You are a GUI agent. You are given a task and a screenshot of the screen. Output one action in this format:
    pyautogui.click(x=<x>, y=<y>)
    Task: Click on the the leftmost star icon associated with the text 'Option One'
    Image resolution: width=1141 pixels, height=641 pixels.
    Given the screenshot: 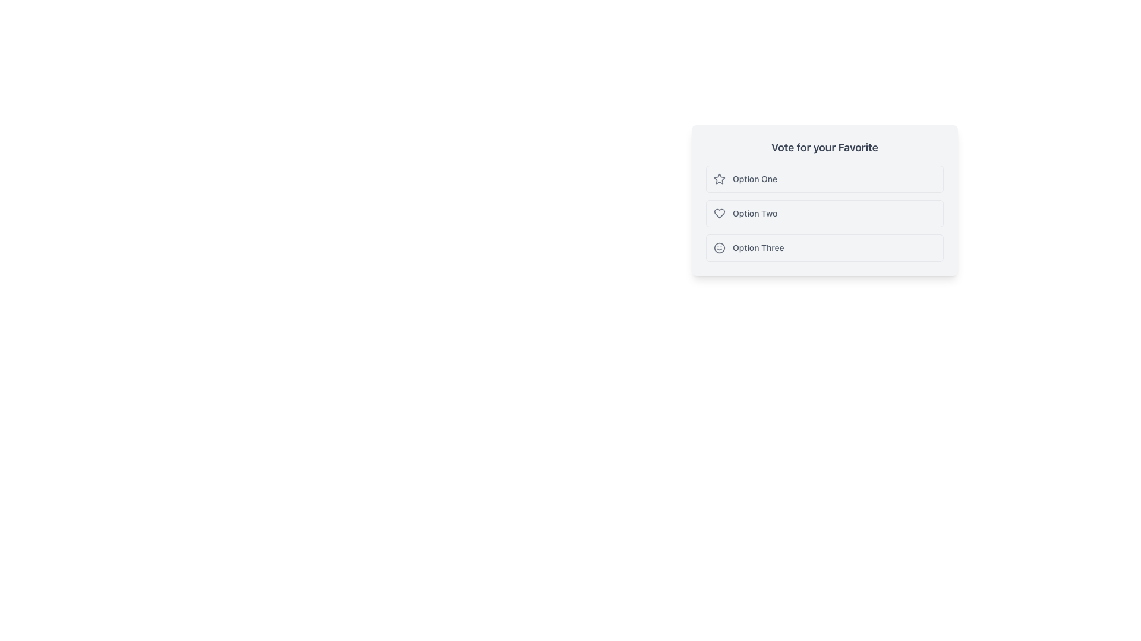 What is the action you would take?
    pyautogui.click(x=718, y=179)
    